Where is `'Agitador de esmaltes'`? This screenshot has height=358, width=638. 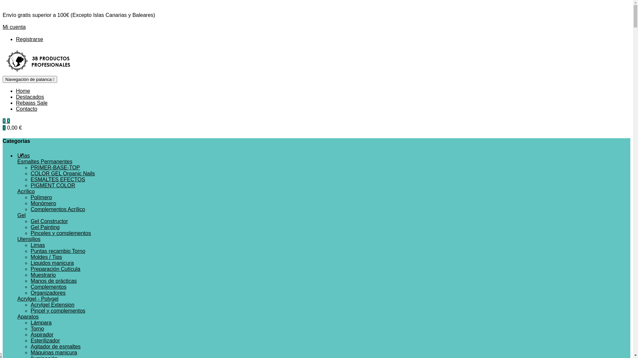 'Agitador de esmaltes' is located at coordinates (55, 346).